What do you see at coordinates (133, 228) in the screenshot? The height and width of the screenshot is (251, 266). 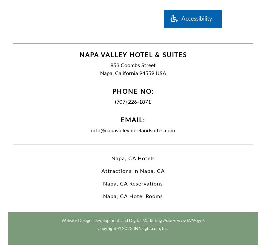 I see `'Copyright © 2023 INNsight.com, Inc.'` at bounding box center [133, 228].